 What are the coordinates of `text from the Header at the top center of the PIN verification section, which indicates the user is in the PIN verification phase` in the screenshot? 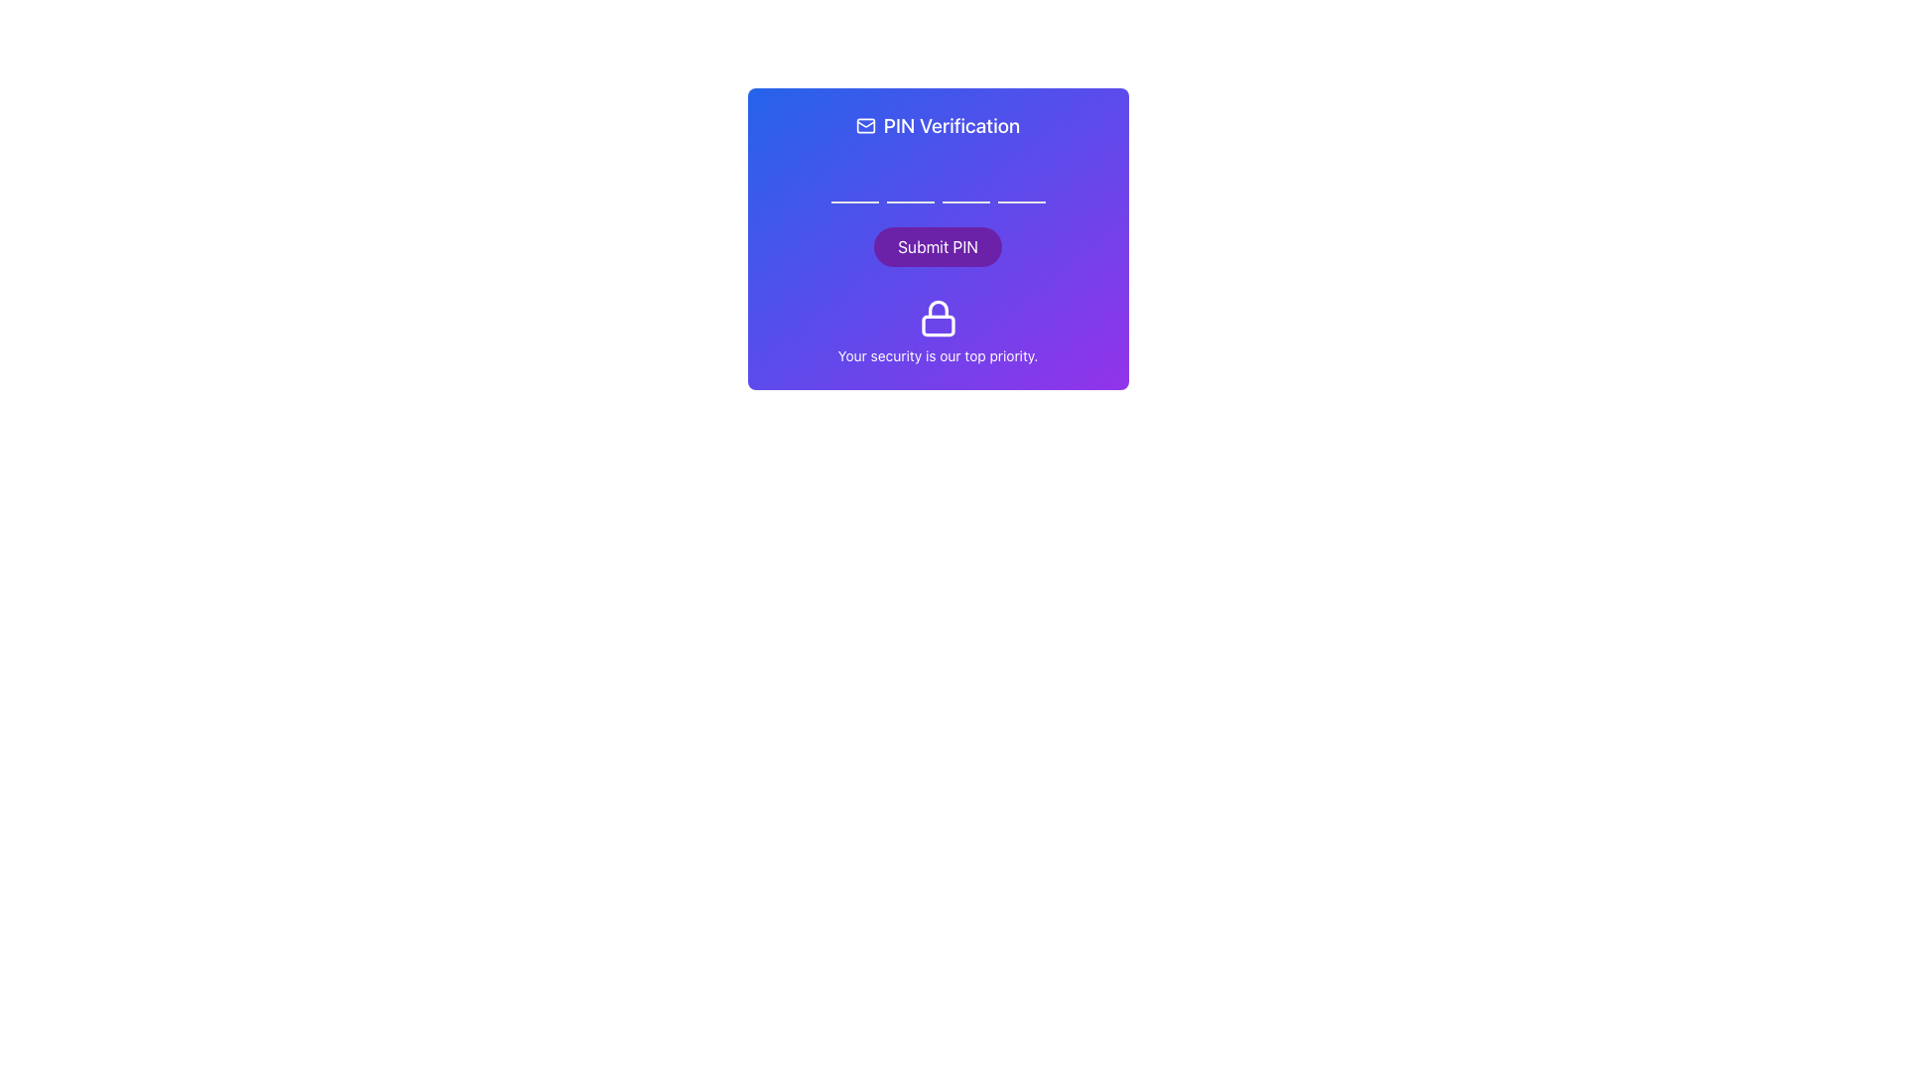 It's located at (937, 126).